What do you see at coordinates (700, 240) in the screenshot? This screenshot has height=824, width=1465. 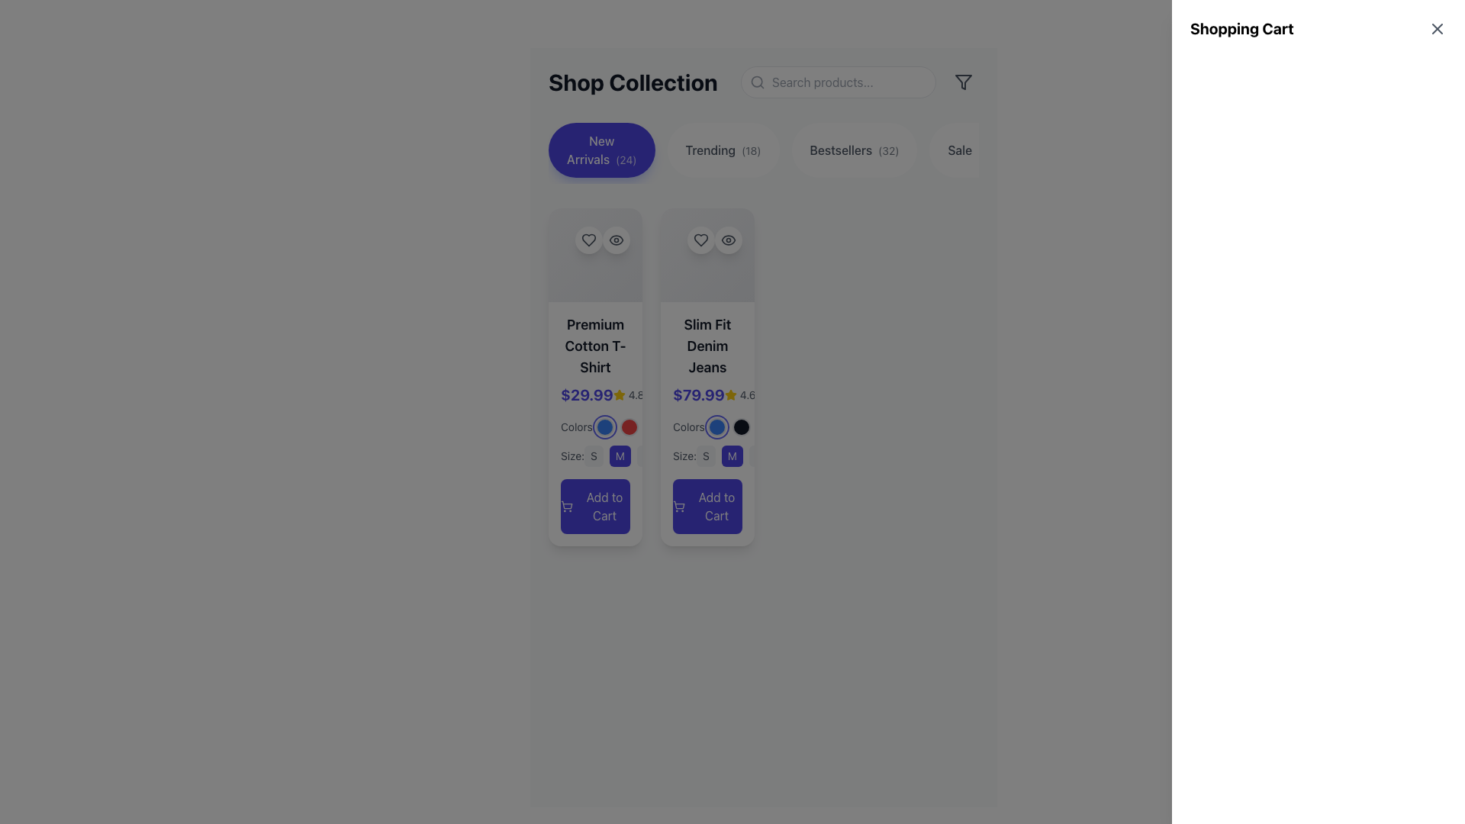 I see `the heart icon located at the upper section of the item card for 'Slim Fit Denim Jeans' to mark the product as a favorite` at bounding box center [700, 240].